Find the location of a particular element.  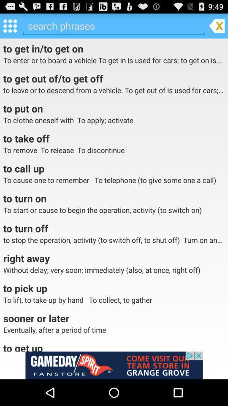

open search bar is located at coordinates (114, 26).